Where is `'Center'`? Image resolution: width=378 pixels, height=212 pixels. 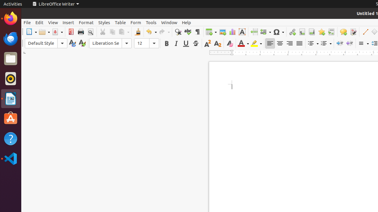
'Center' is located at coordinates (279, 43).